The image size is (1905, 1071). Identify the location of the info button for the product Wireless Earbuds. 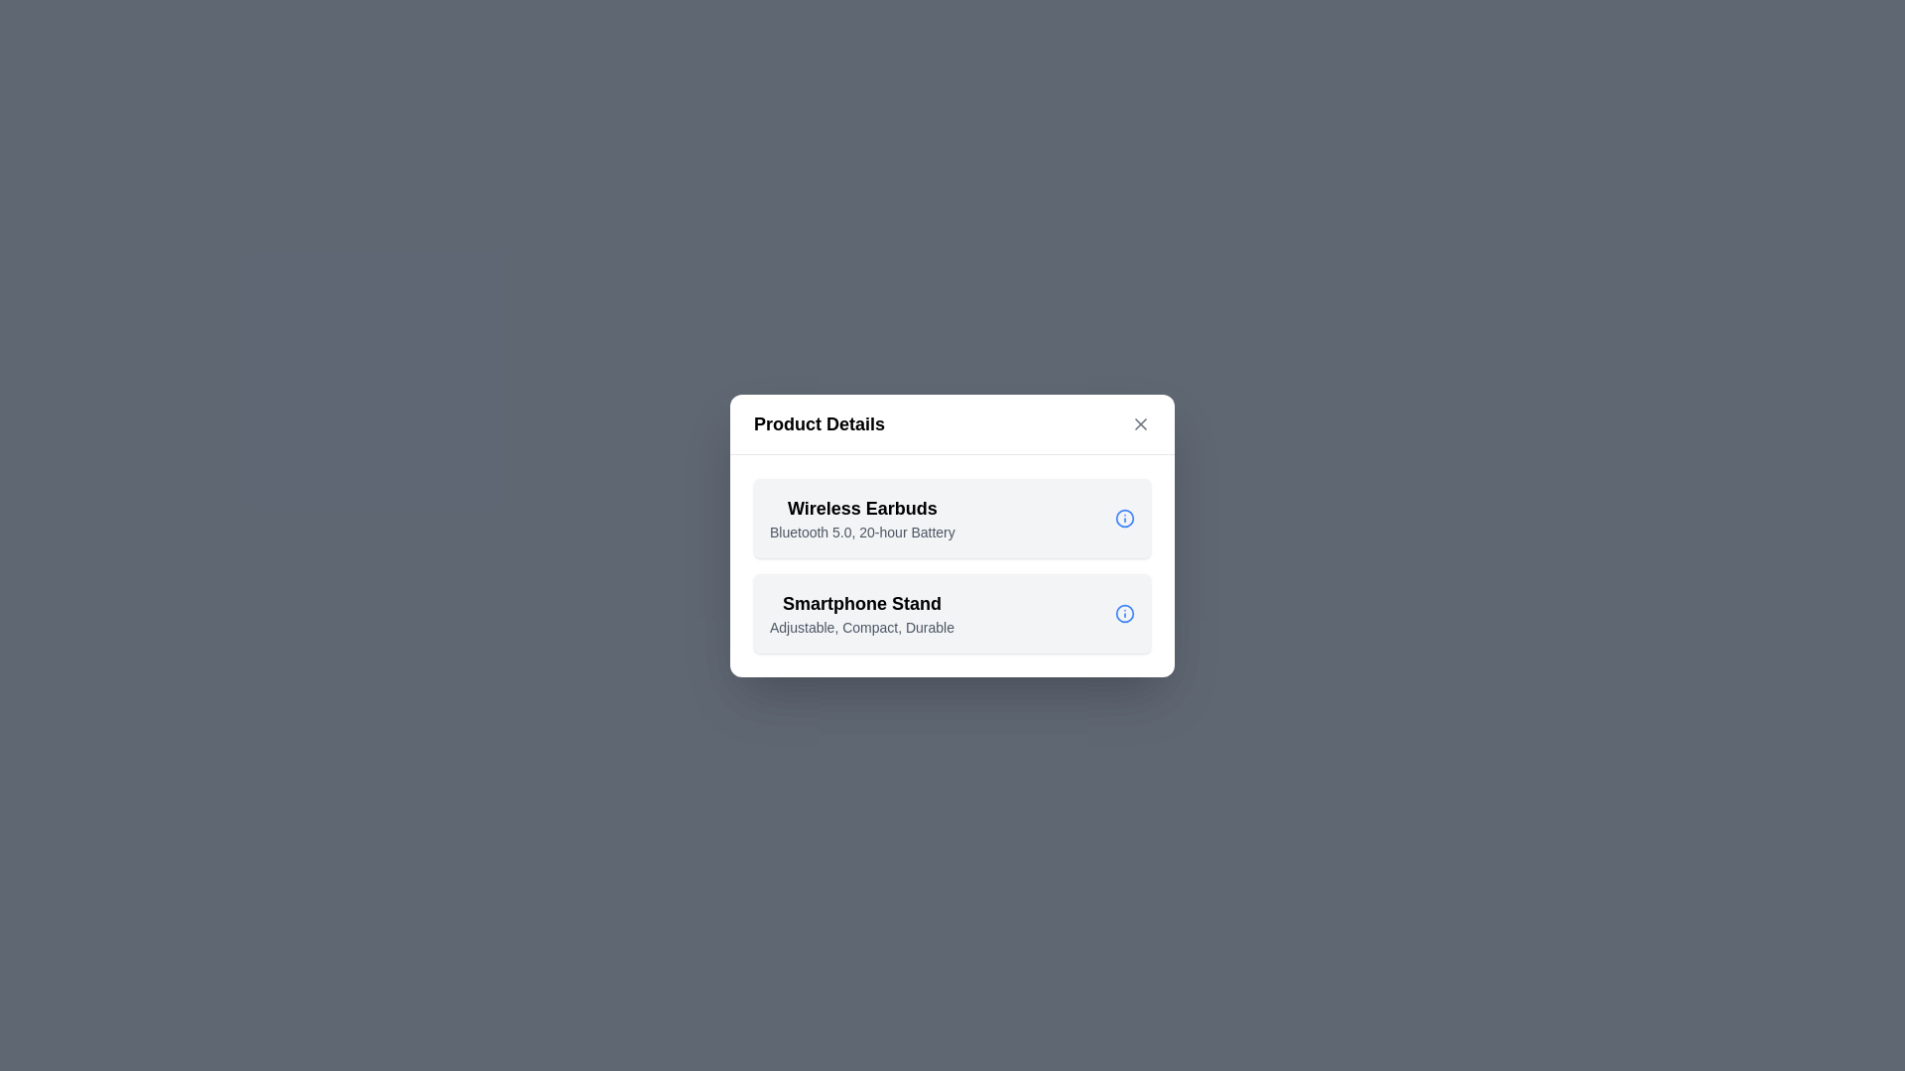
(1124, 517).